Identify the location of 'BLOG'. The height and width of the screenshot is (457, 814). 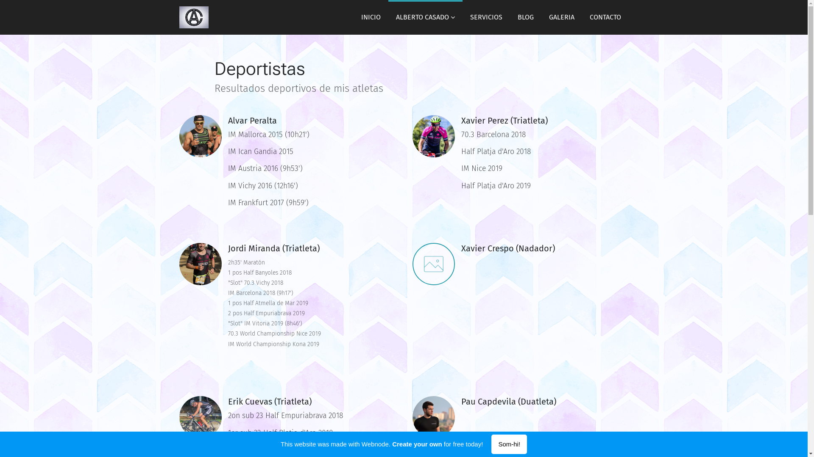
(509, 17).